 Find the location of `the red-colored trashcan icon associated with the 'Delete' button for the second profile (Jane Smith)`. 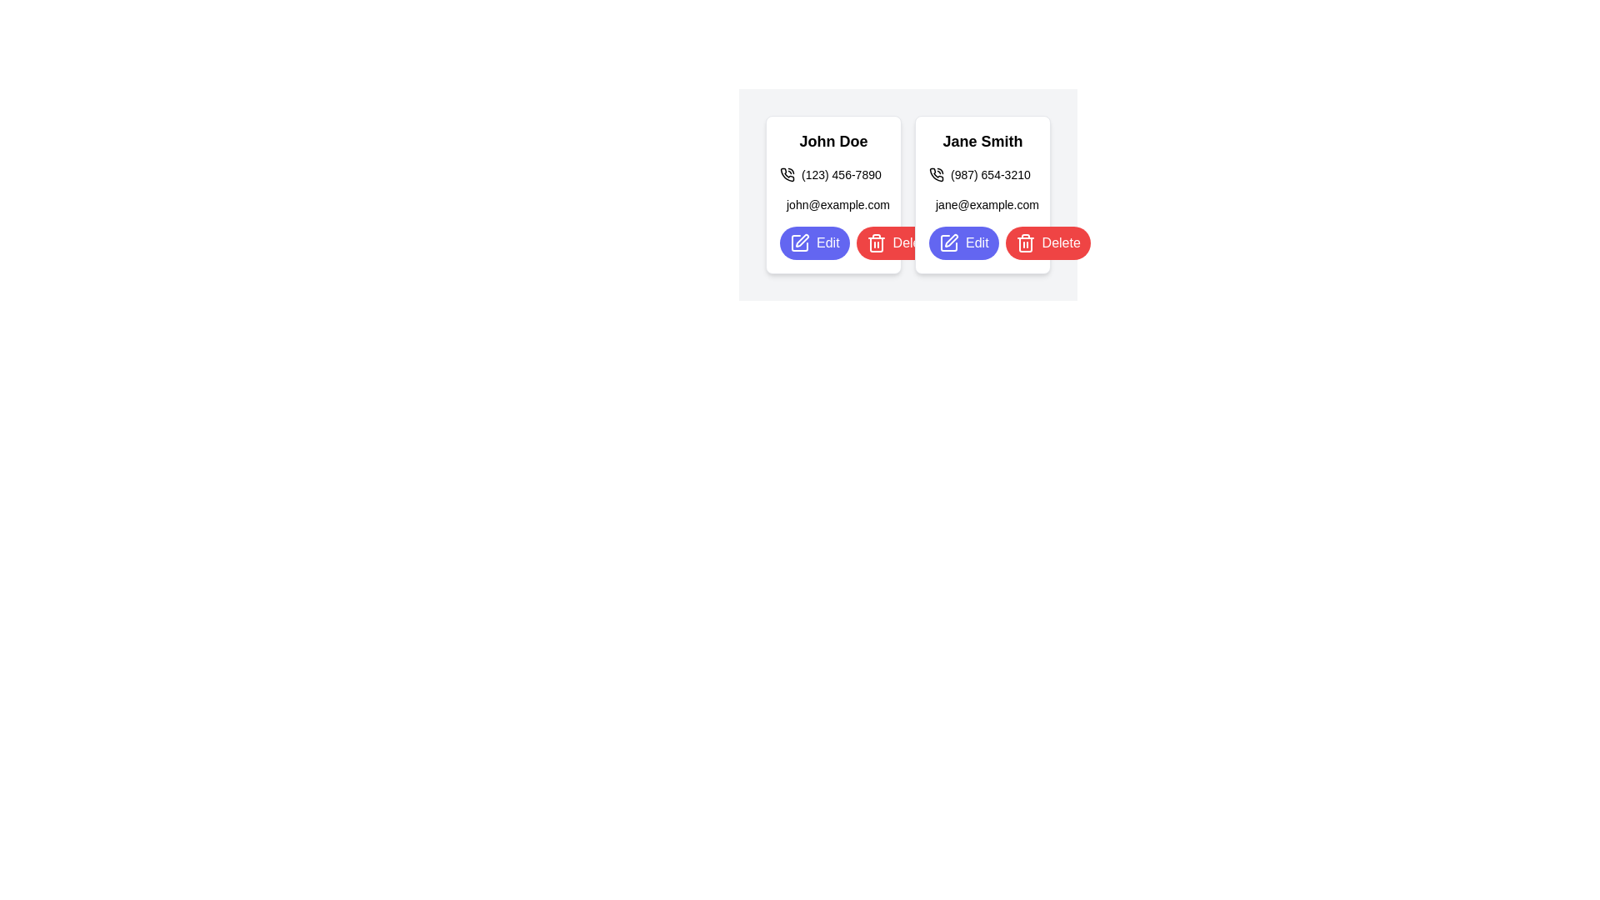

the red-colored trashcan icon associated with the 'Delete' button for the second profile (Jane Smith) is located at coordinates (875, 244).